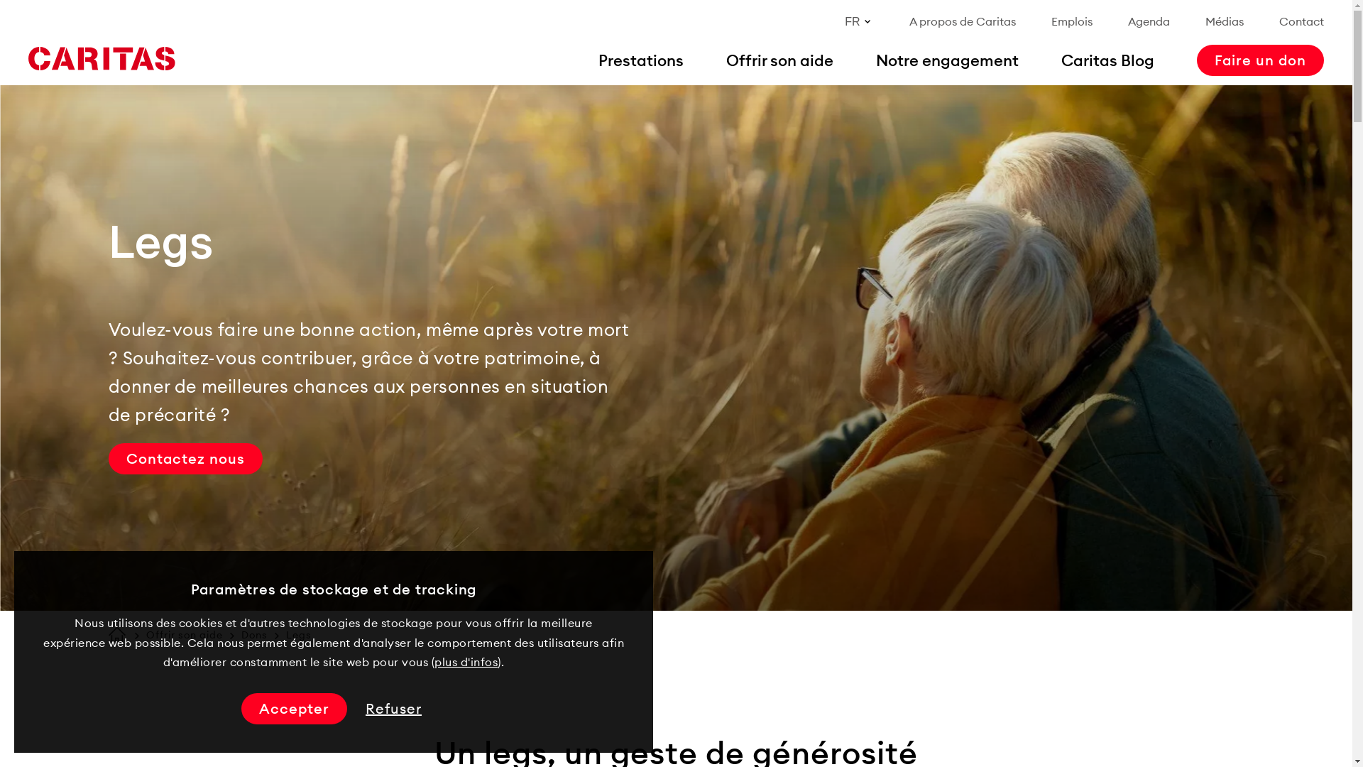 Image resolution: width=1363 pixels, height=767 pixels. What do you see at coordinates (1107, 59) in the screenshot?
I see `'Caritas Blog'` at bounding box center [1107, 59].